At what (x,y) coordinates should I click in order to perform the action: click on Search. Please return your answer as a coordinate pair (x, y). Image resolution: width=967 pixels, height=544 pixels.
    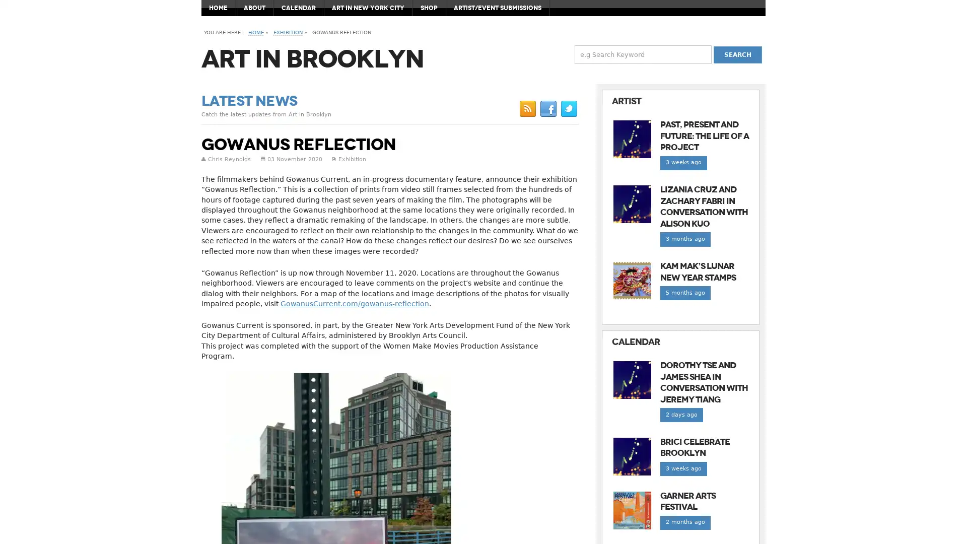
    Looking at the image, I should click on (737, 54).